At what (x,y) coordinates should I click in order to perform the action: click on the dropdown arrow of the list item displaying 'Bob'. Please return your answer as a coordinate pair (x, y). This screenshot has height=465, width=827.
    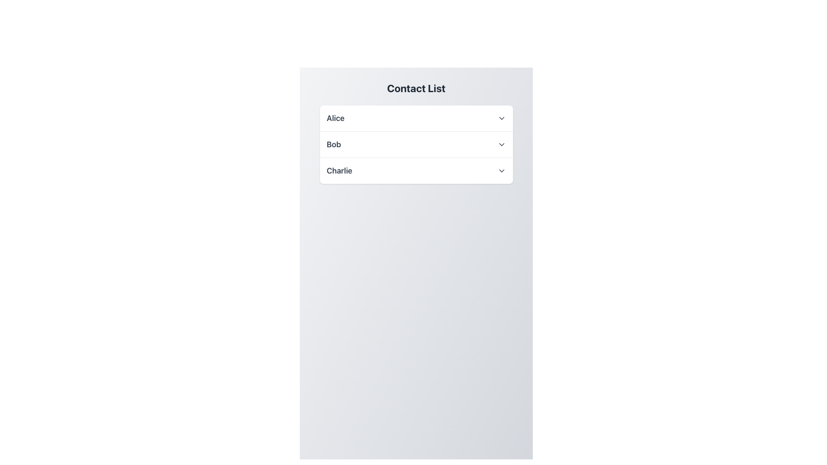
    Looking at the image, I should click on (416, 144).